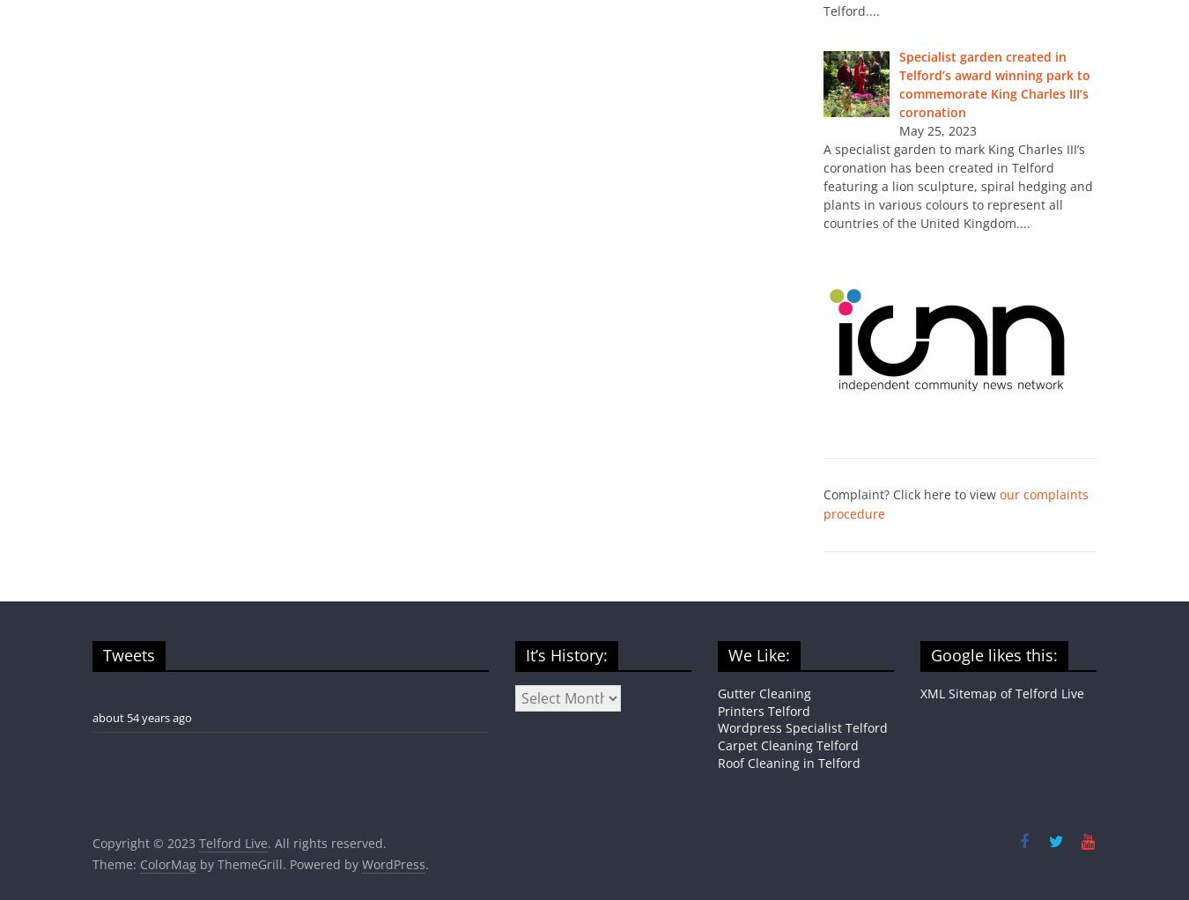 This screenshot has height=900, width=1189. I want to click on 'Complaint? Click here to view', so click(912, 493).